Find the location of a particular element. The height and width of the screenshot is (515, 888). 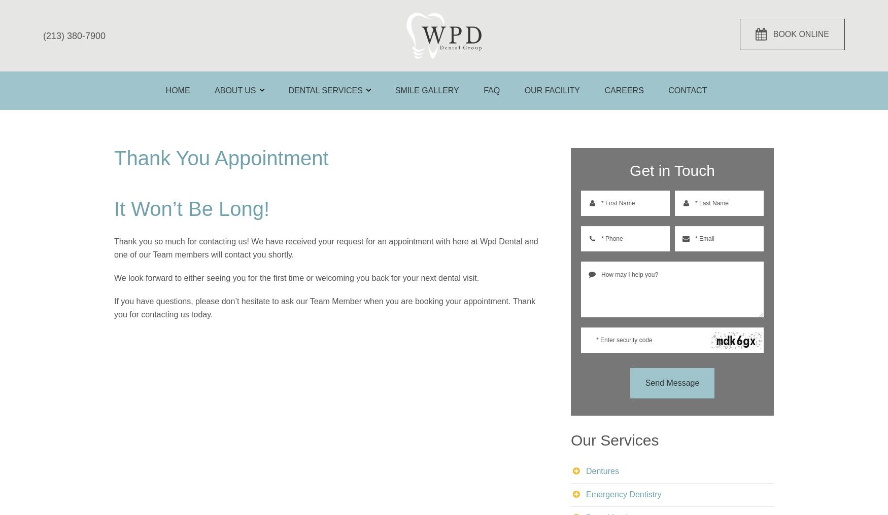

'Thank You Appointment' is located at coordinates (114, 157).